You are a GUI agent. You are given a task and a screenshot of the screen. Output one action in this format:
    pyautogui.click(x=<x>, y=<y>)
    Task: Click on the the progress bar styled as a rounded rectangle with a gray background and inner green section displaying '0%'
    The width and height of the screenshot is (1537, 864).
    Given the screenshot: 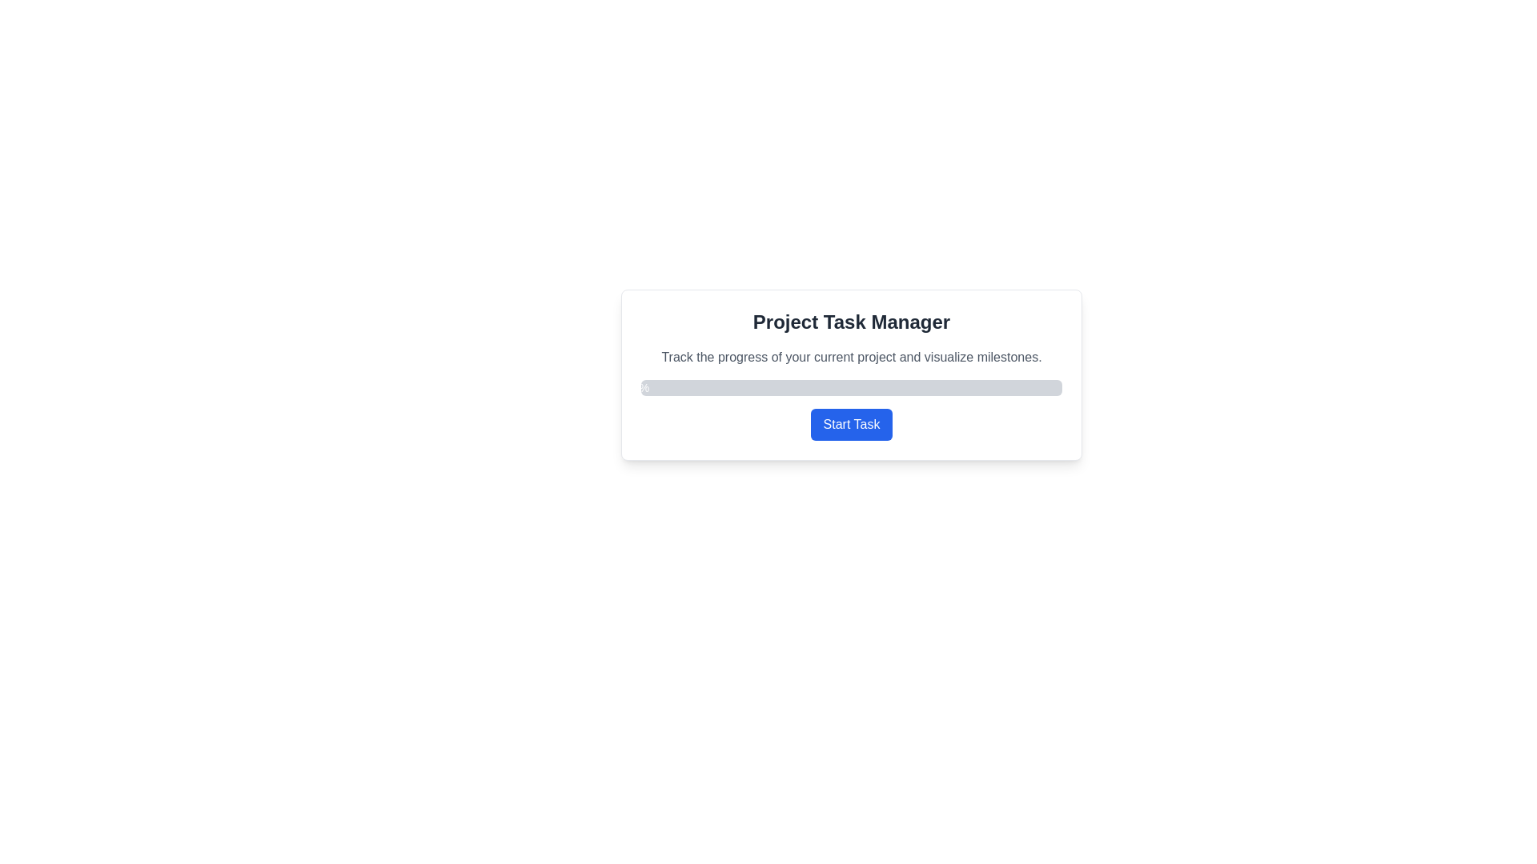 What is the action you would take?
    pyautogui.click(x=851, y=388)
    